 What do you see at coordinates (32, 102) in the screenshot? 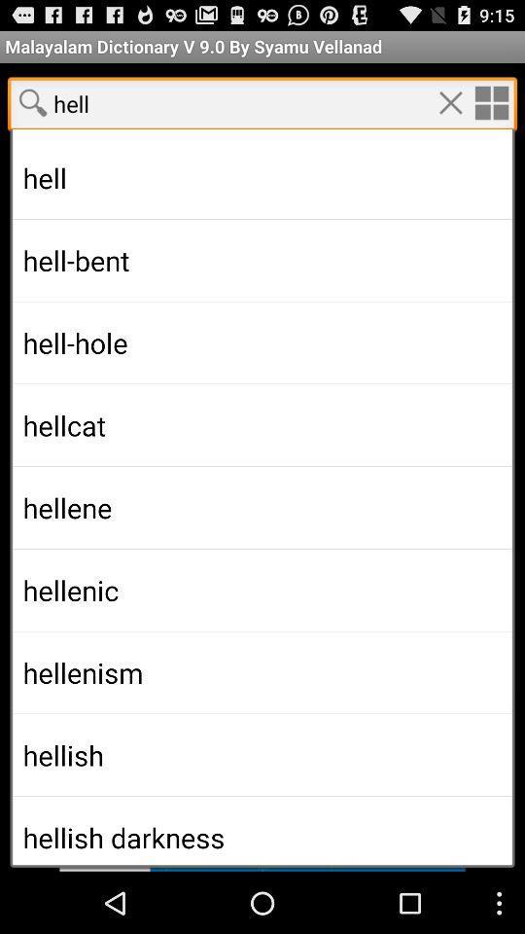
I see `serch` at bounding box center [32, 102].